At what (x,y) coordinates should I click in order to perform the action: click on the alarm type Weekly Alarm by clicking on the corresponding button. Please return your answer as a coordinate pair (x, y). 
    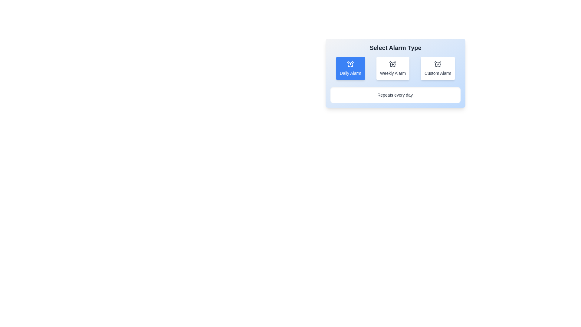
    Looking at the image, I should click on (392, 68).